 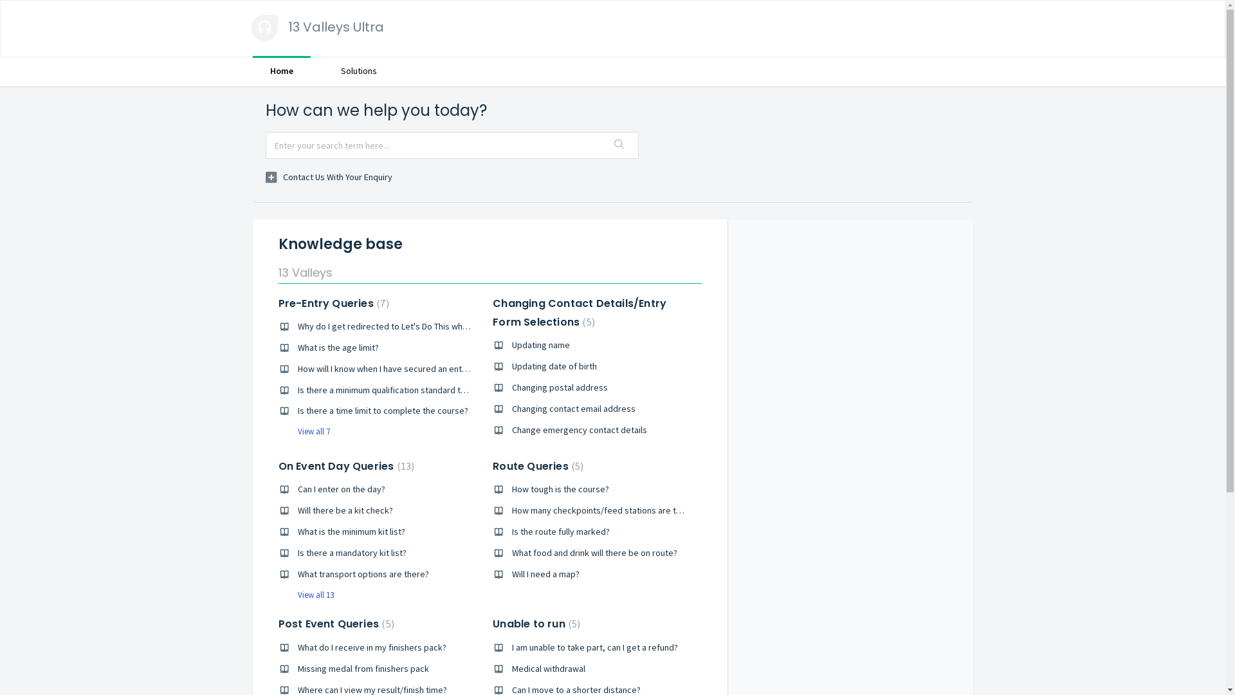 I want to click on 'Pre-Entry Queries 7', so click(x=333, y=303).